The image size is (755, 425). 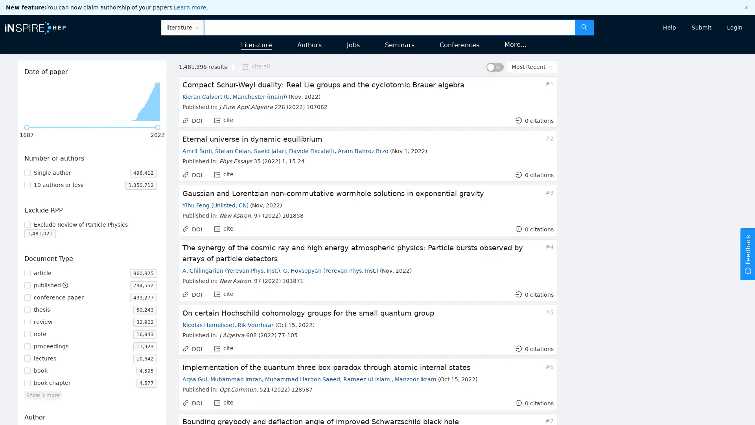 What do you see at coordinates (223, 294) in the screenshot?
I see `export cite` at bounding box center [223, 294].